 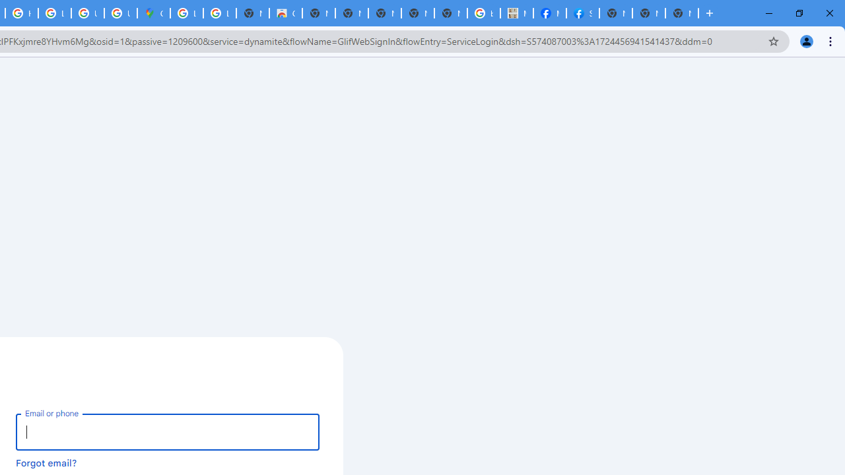 What do you see at coordinates (516, 13) in the screenshot?
I see `'MILEY CYRUS.'` at bounding box center [516, 13].